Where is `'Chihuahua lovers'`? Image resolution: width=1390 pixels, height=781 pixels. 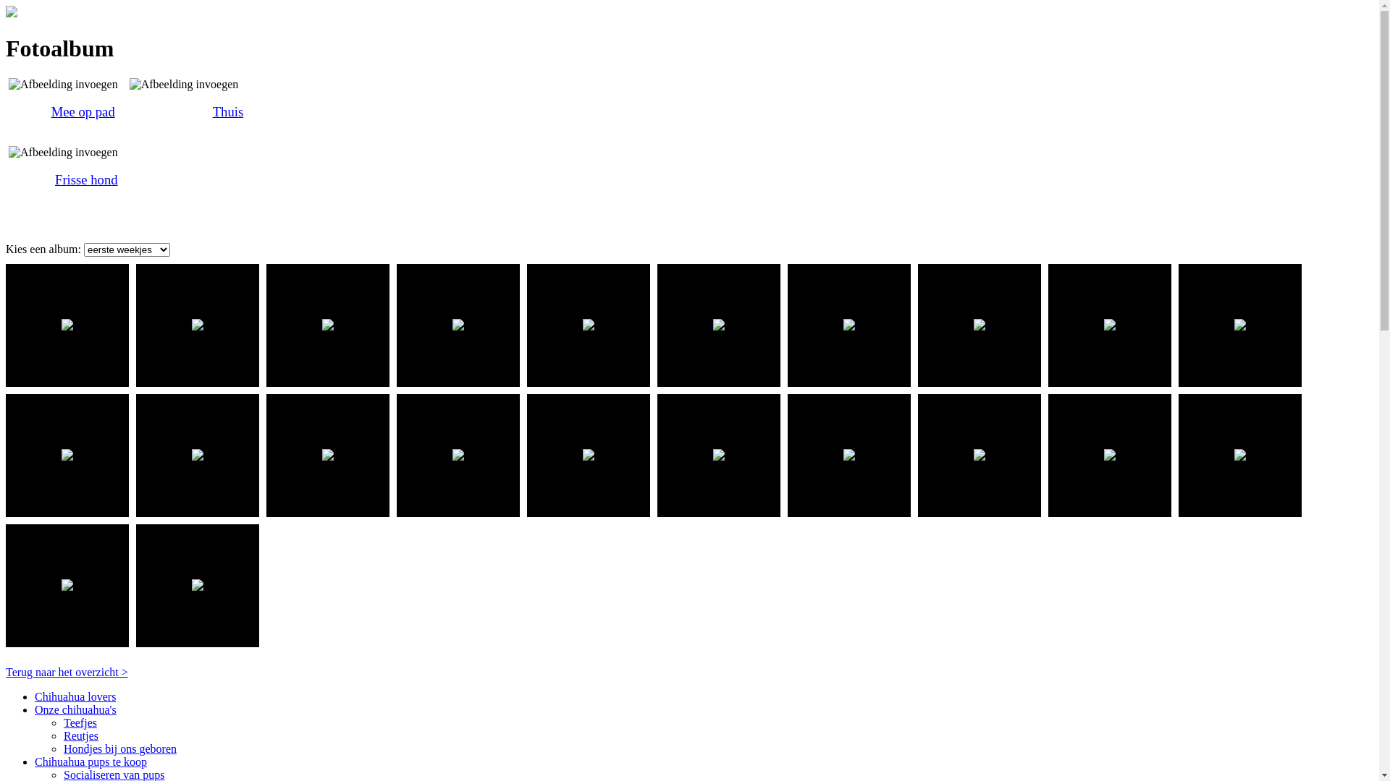 'Chihuahua lovers' is located at coordinates (75, 696).